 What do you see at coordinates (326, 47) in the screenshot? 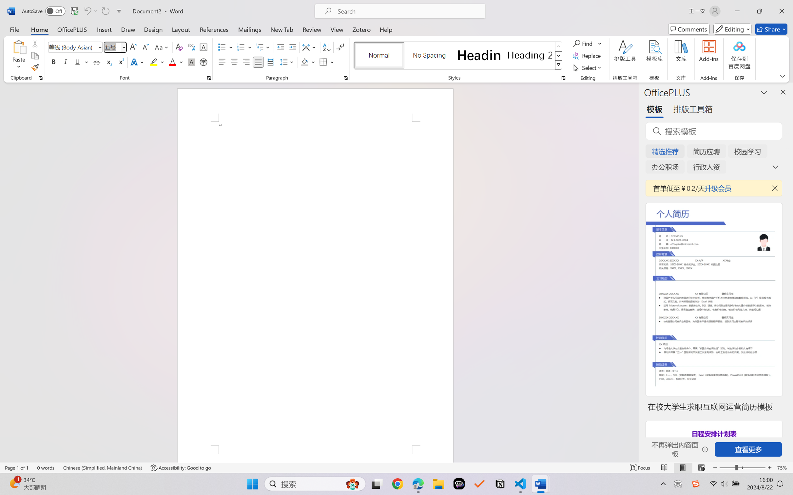
I see `'Sort...'` at bounding box center [326, 47].